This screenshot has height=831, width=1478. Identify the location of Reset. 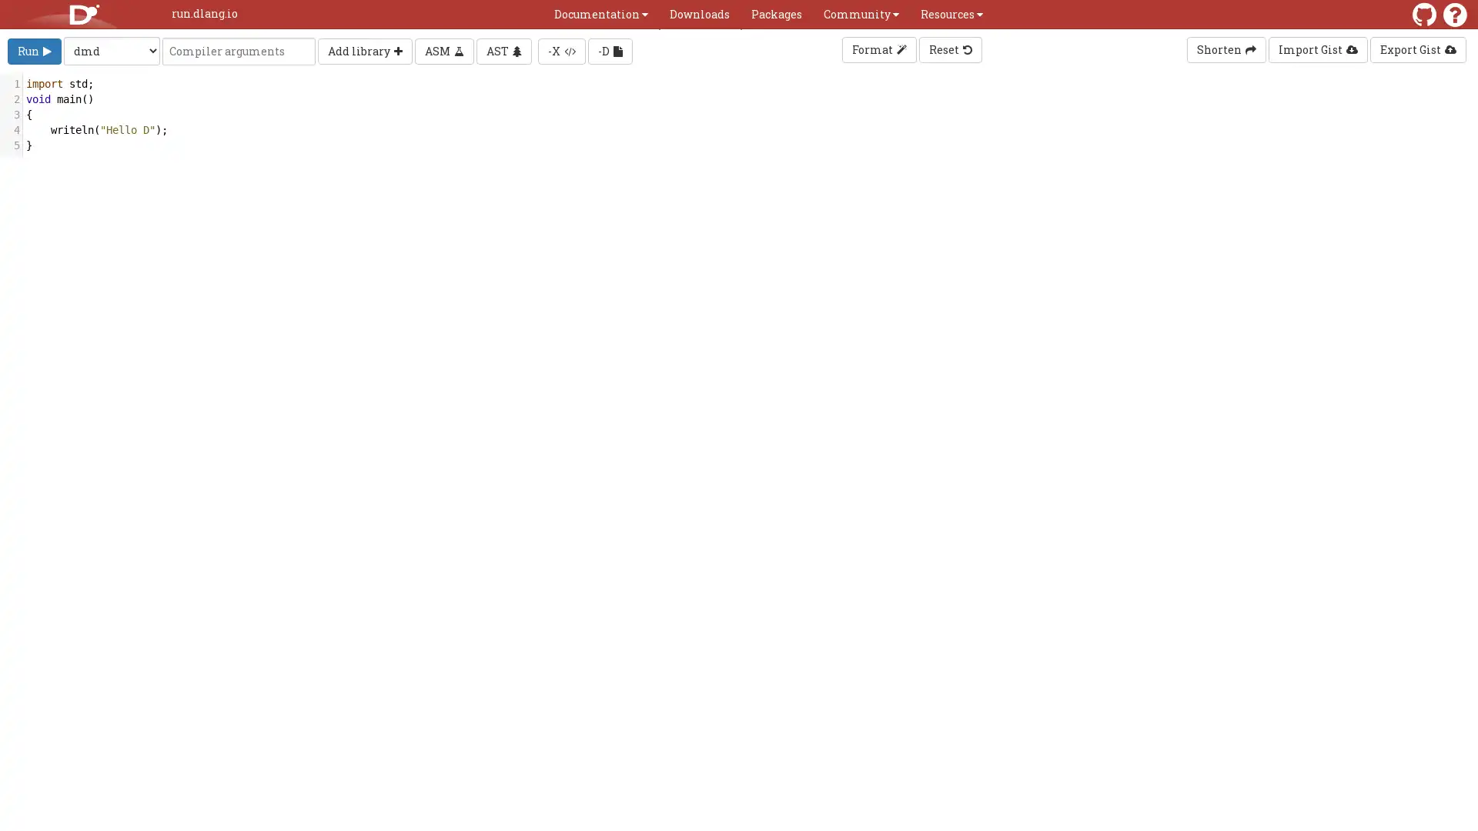
(948, 49).